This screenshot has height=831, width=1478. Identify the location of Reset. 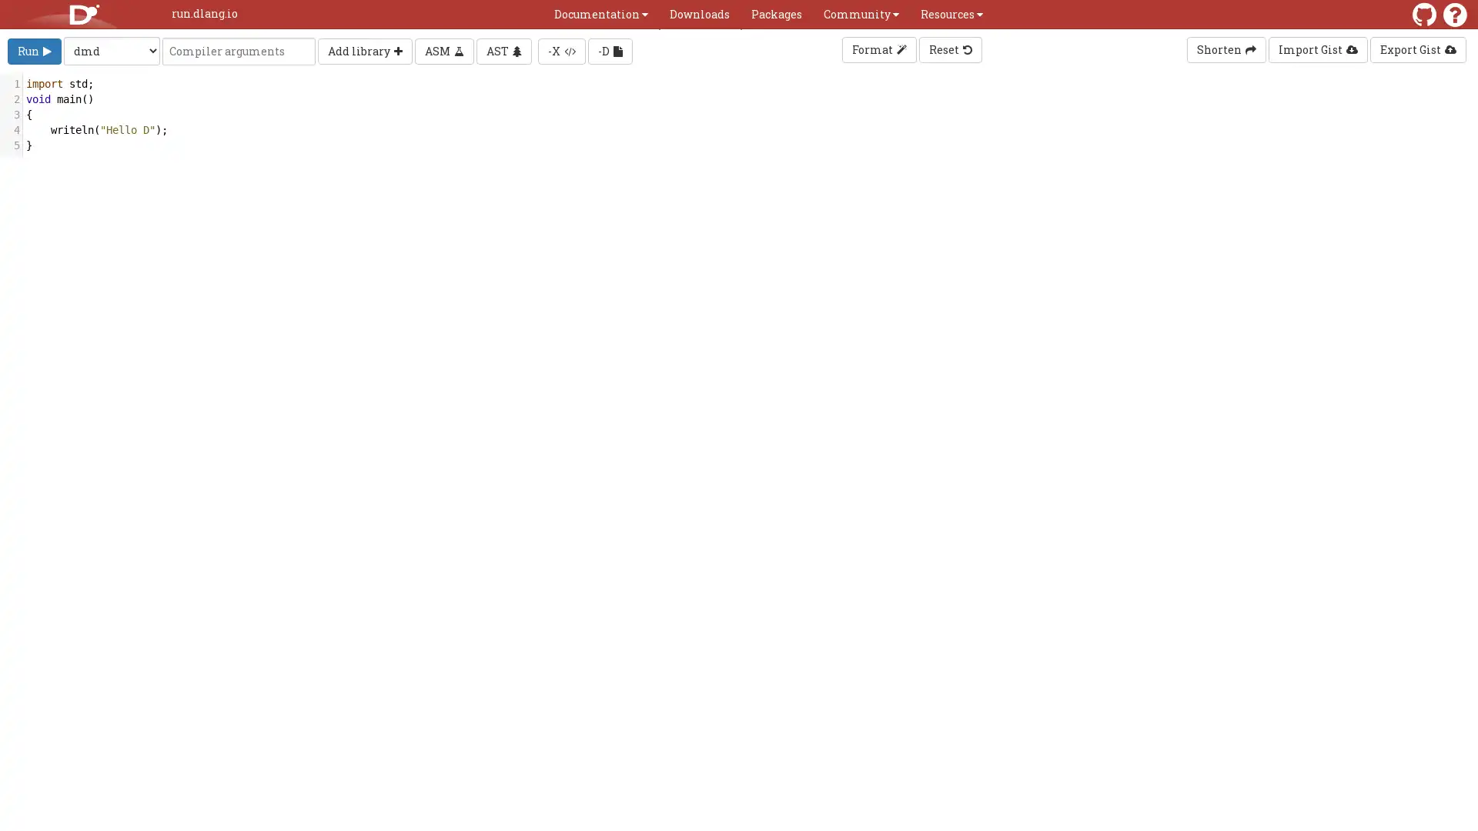
(948, 49).